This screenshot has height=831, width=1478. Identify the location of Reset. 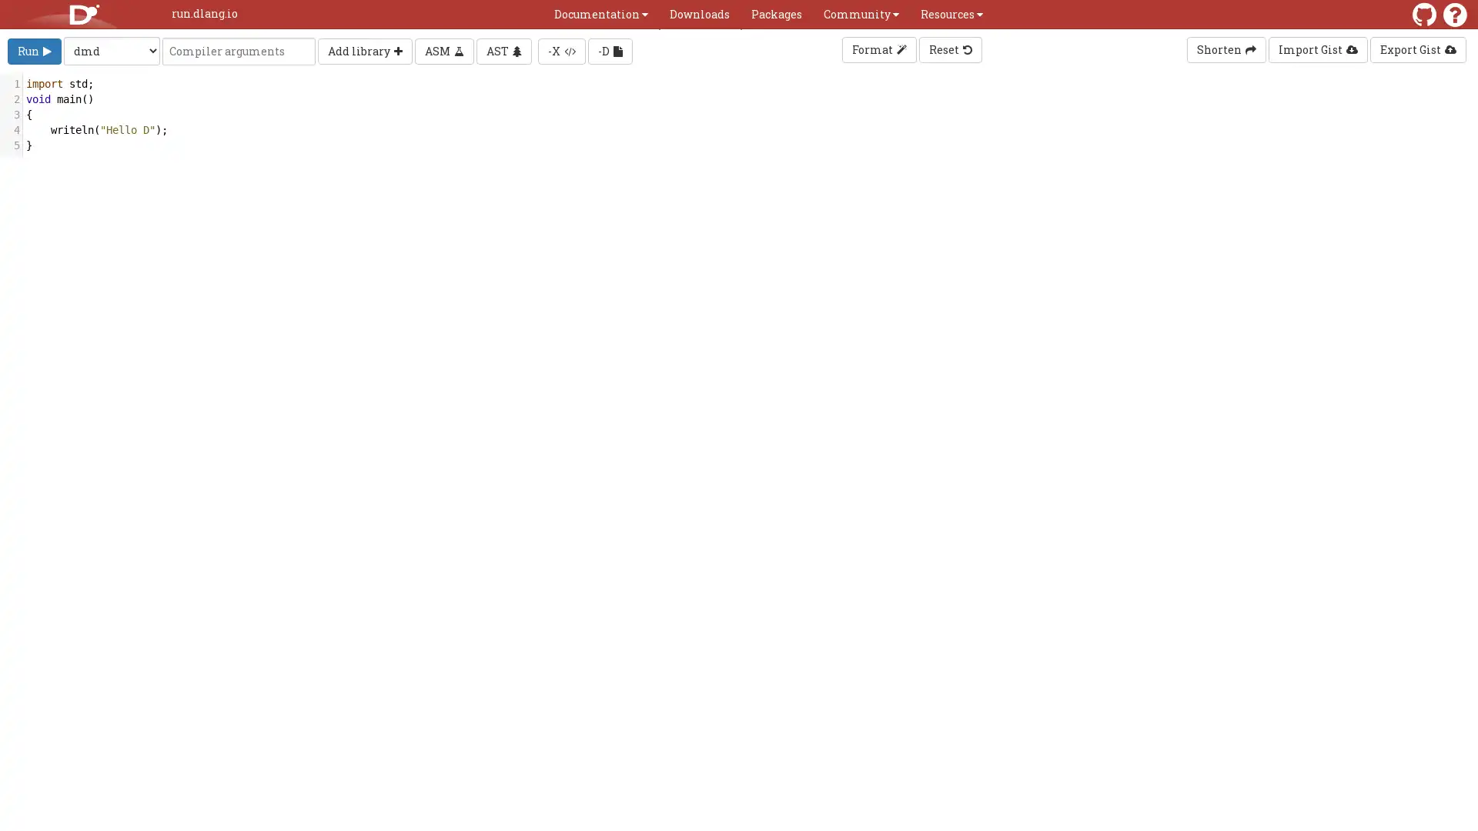
(948, 49).